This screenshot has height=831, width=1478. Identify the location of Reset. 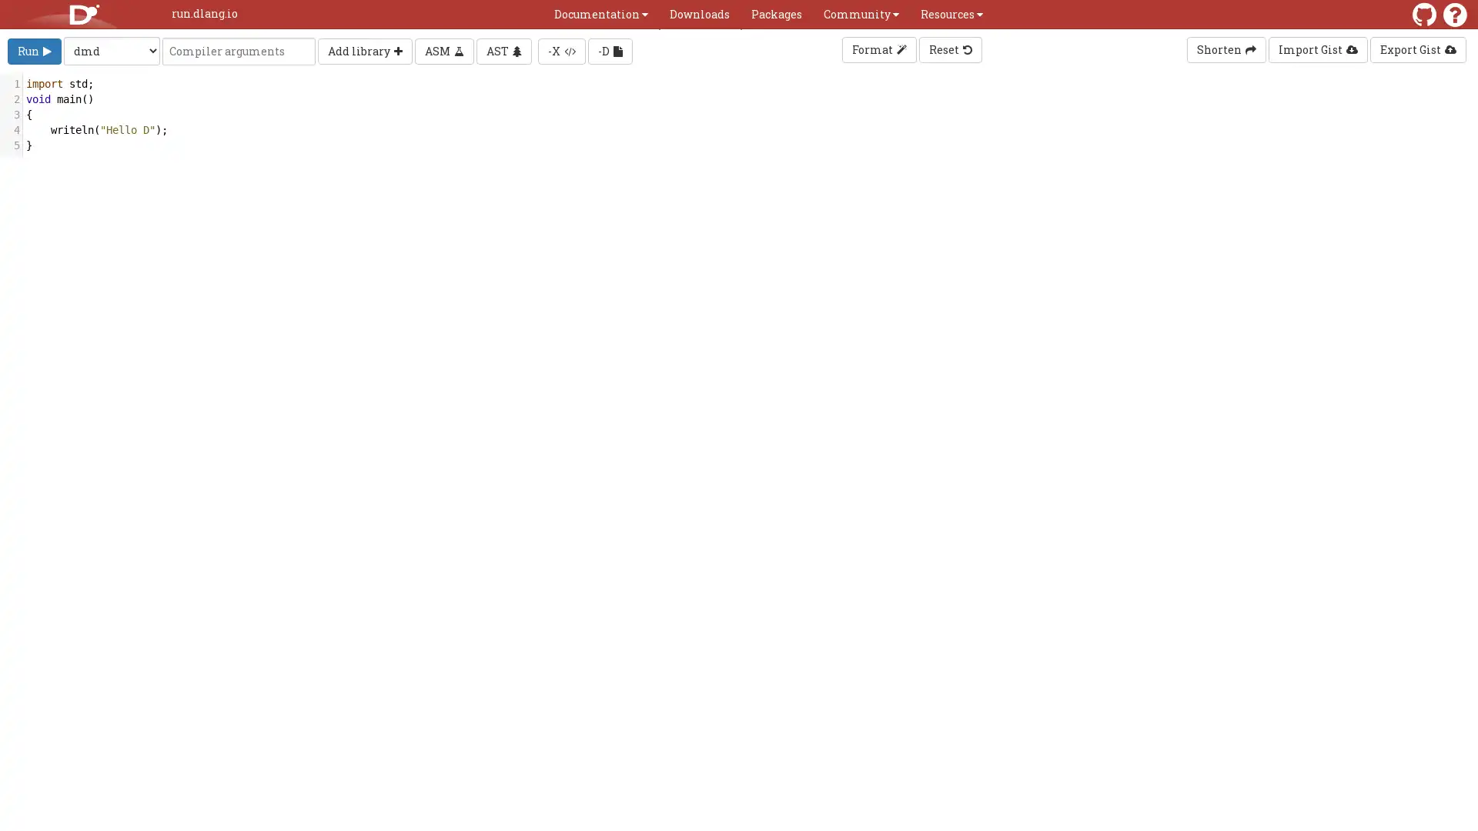
(948, 49).